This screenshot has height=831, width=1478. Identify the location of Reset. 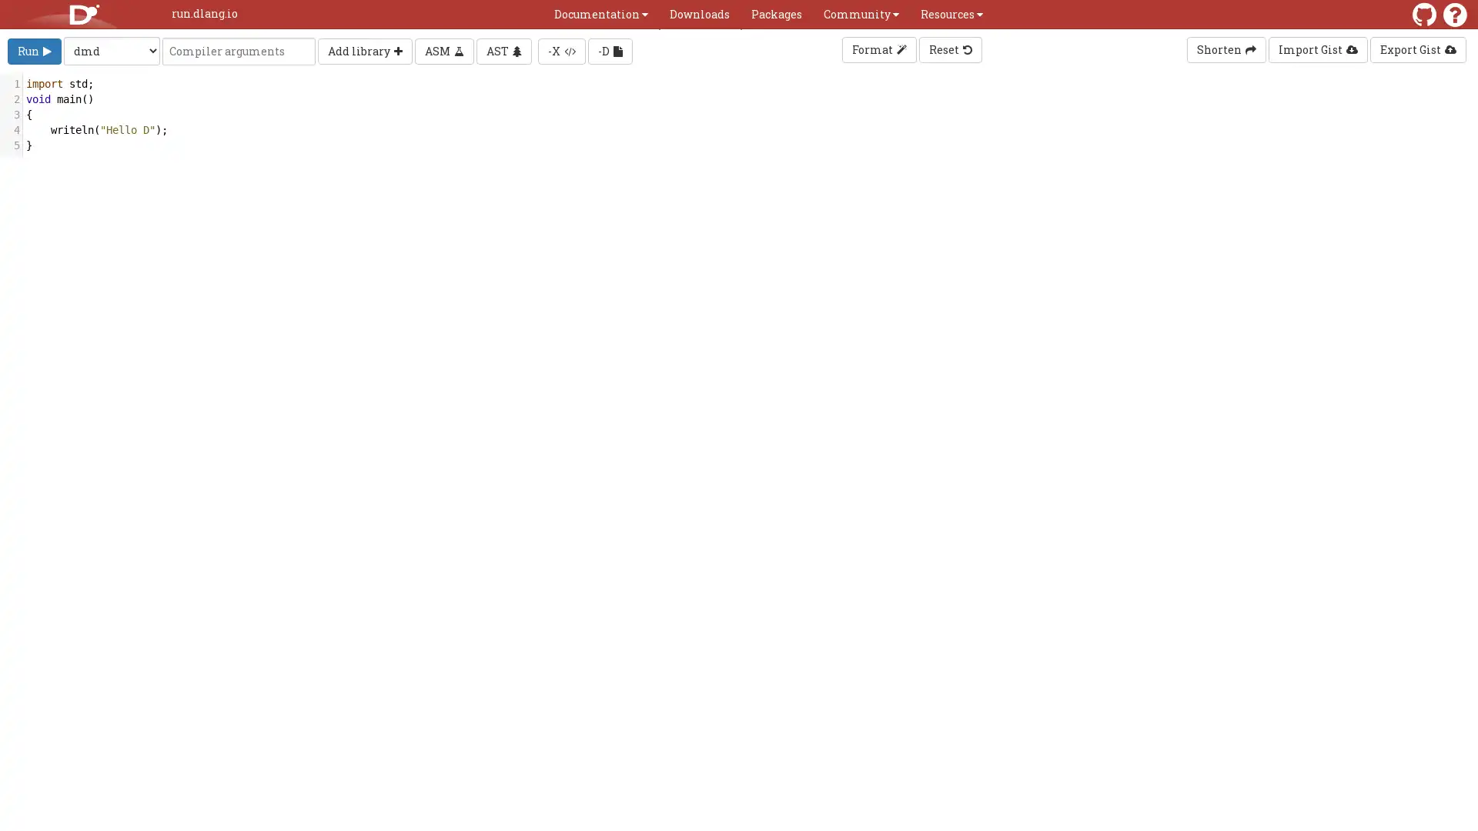
(948, 49).